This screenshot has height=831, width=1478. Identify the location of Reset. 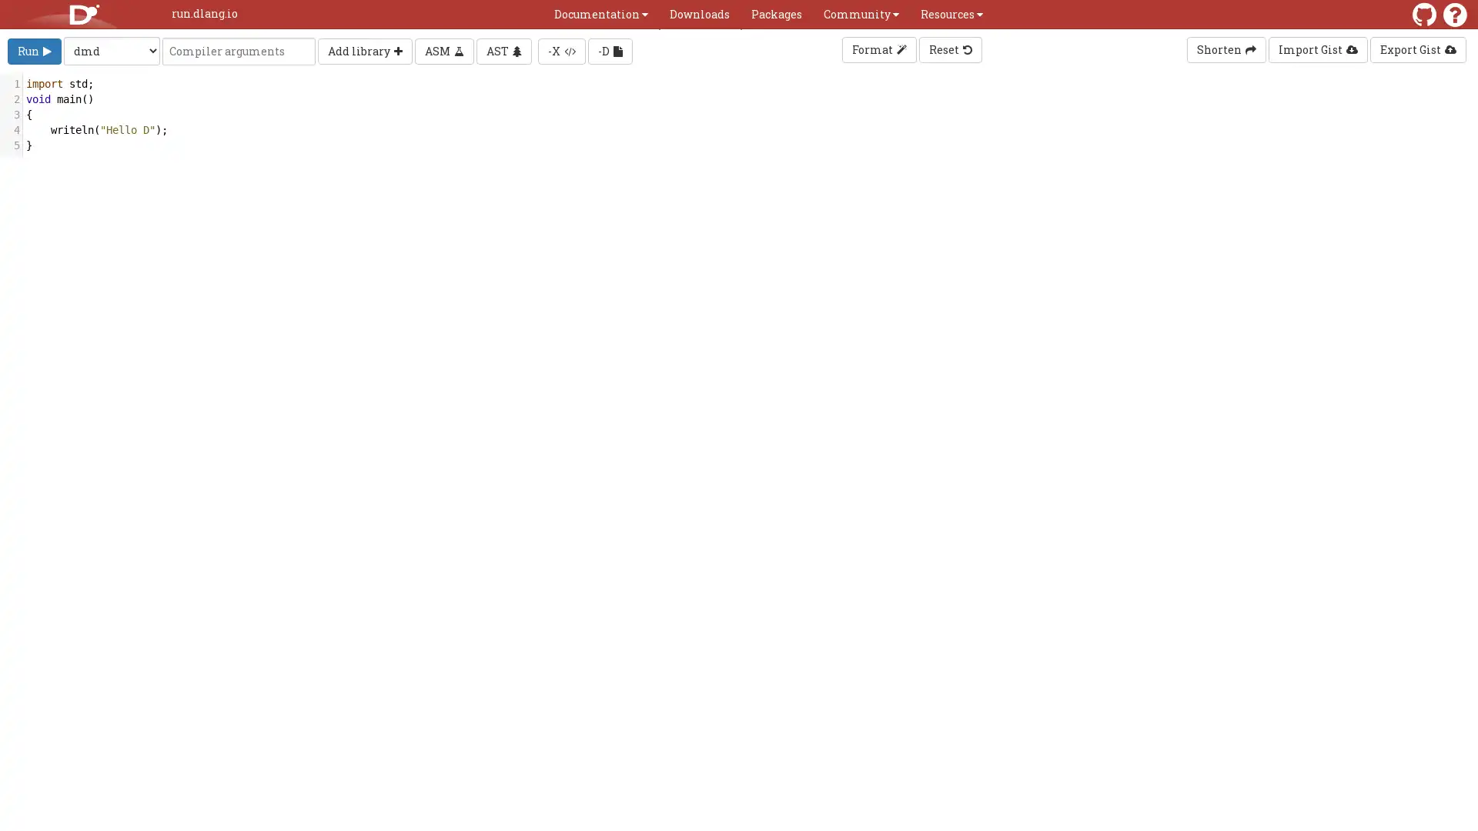
(948, 49).